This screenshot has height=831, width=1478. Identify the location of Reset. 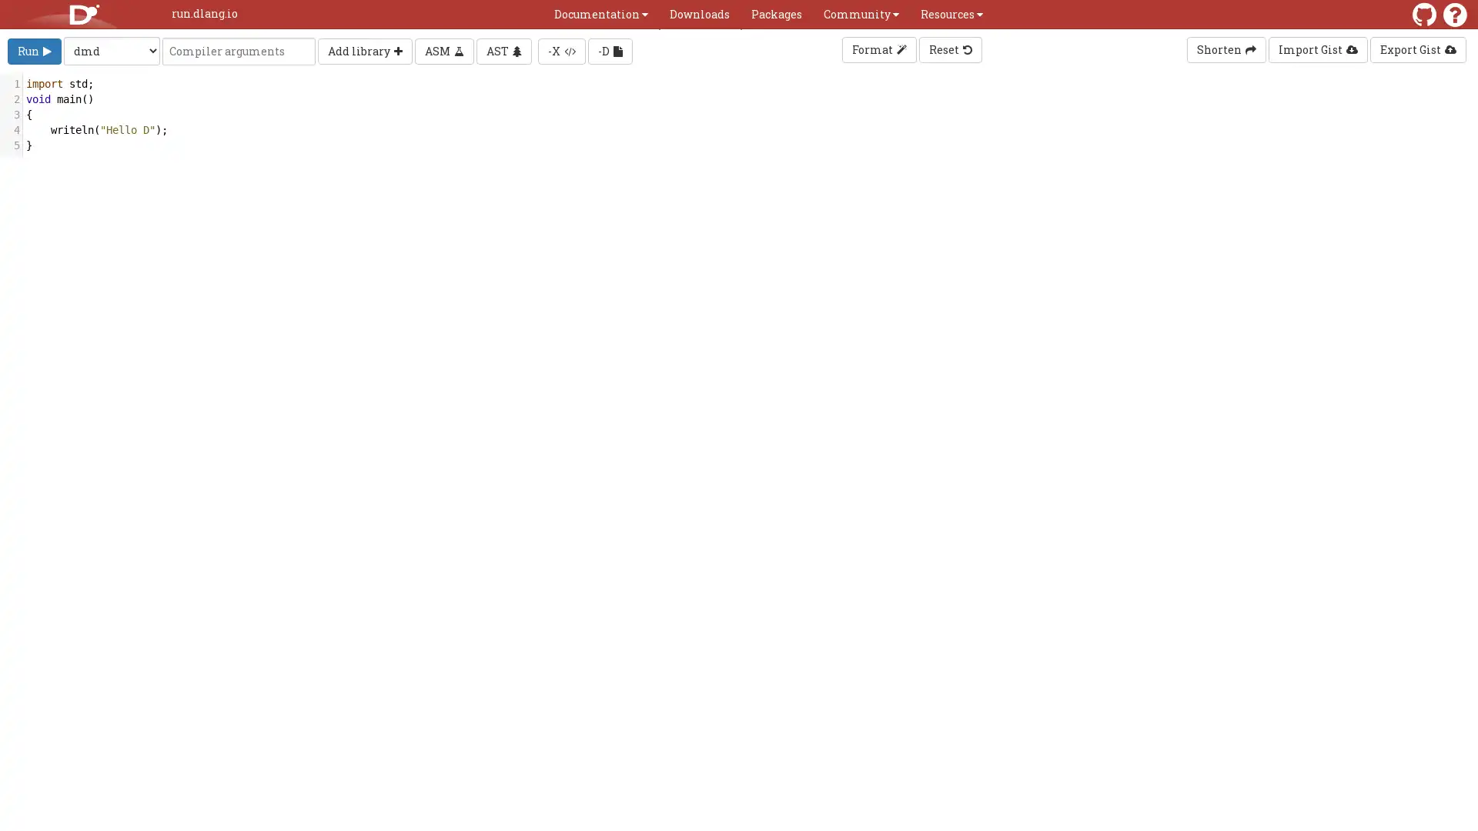
(948, 49).